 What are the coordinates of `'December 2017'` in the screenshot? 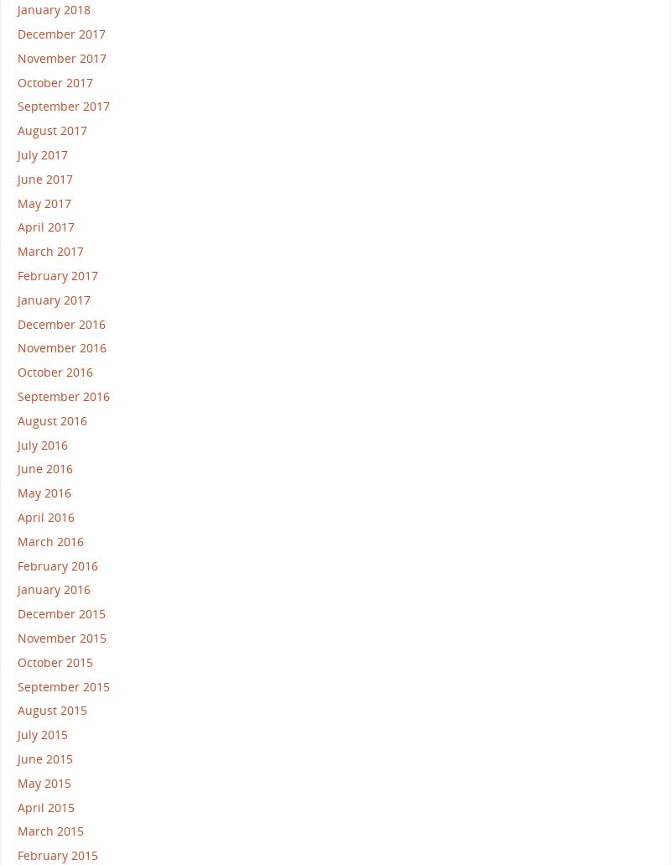 It's located at (61, 34).